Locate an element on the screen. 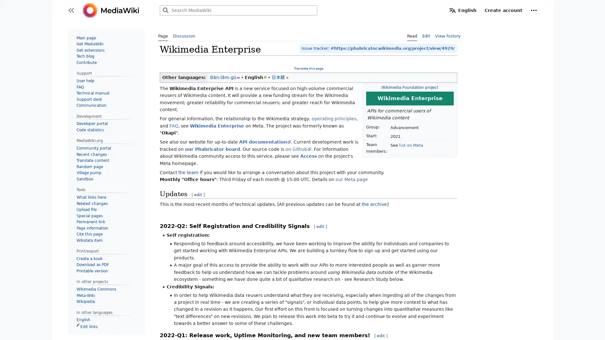  Go is located at coordinates (166, 10).